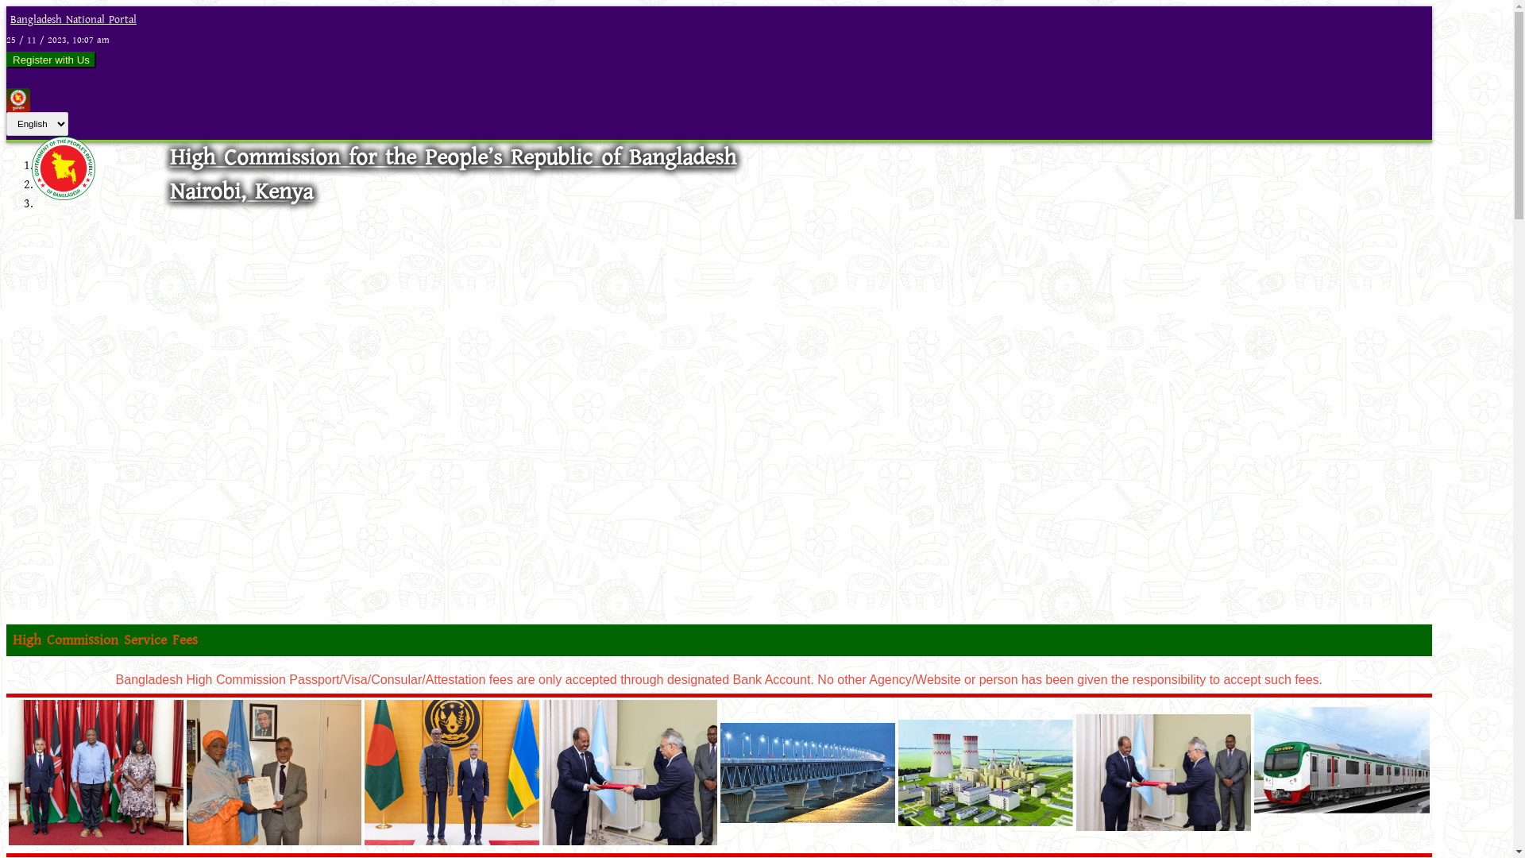 The image size is (1525, 858). What do you see at coordinates (71, 19) in the screenshot?
I see `'Bangladesh National Portal'` at bounding box center [71, 19].